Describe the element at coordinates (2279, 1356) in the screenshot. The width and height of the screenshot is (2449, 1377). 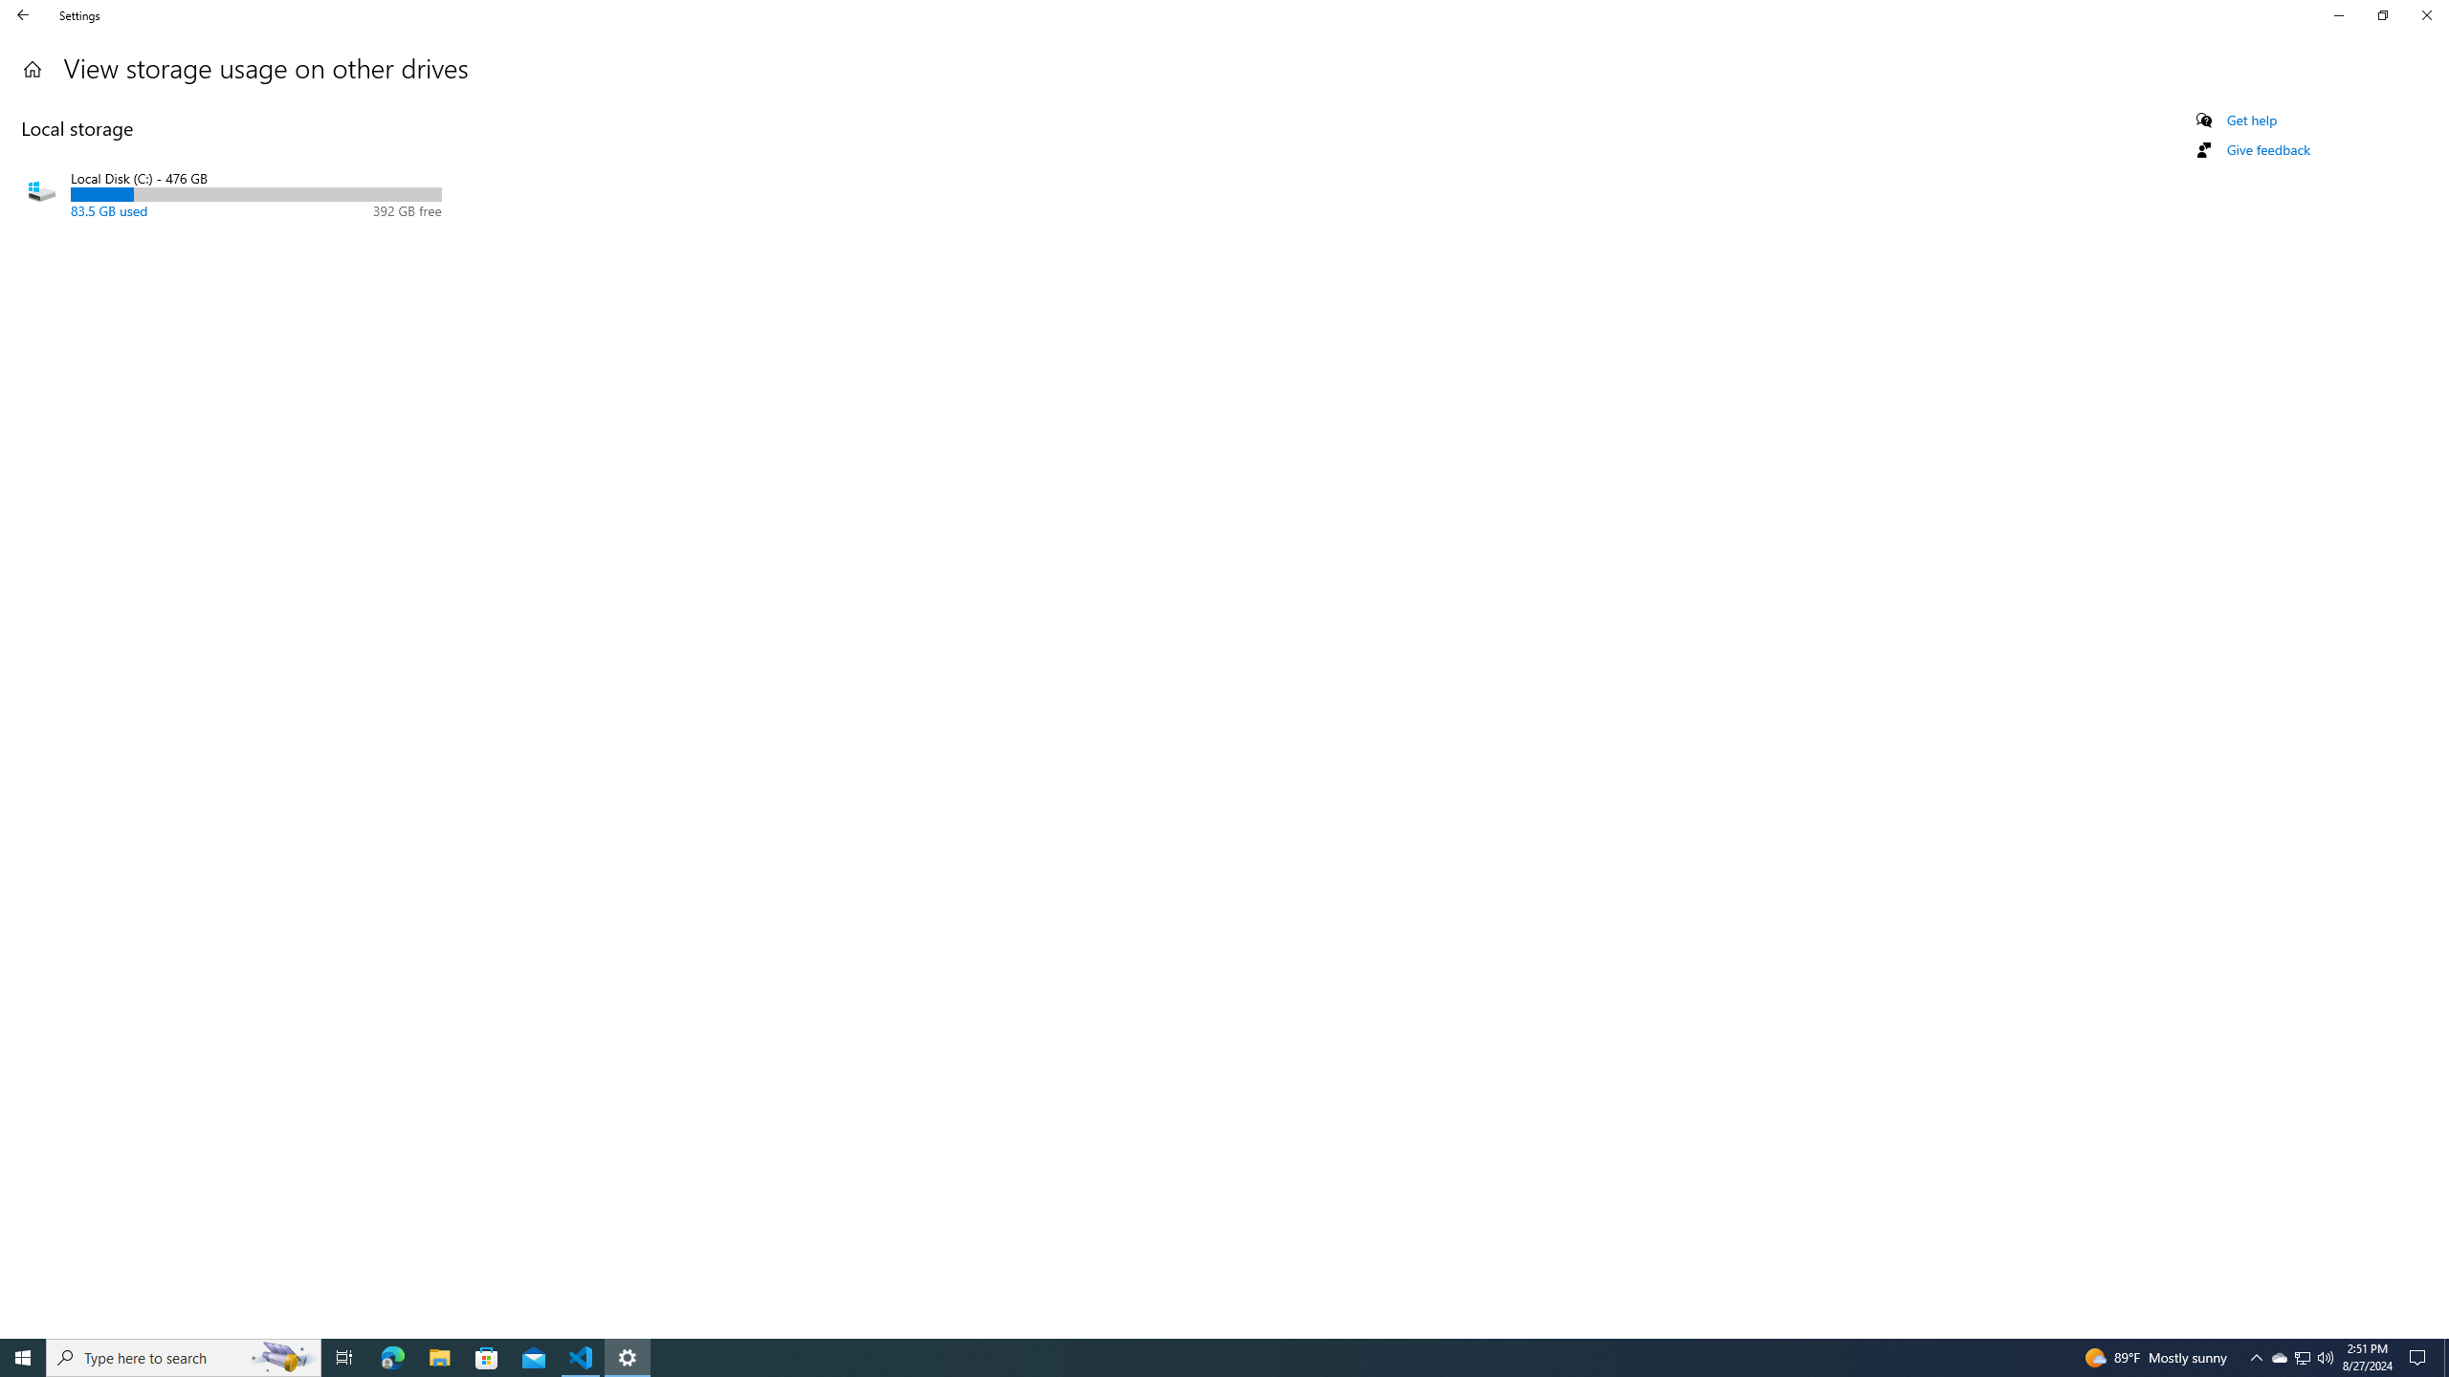
I see `'Q2790: 100%'` at that location.